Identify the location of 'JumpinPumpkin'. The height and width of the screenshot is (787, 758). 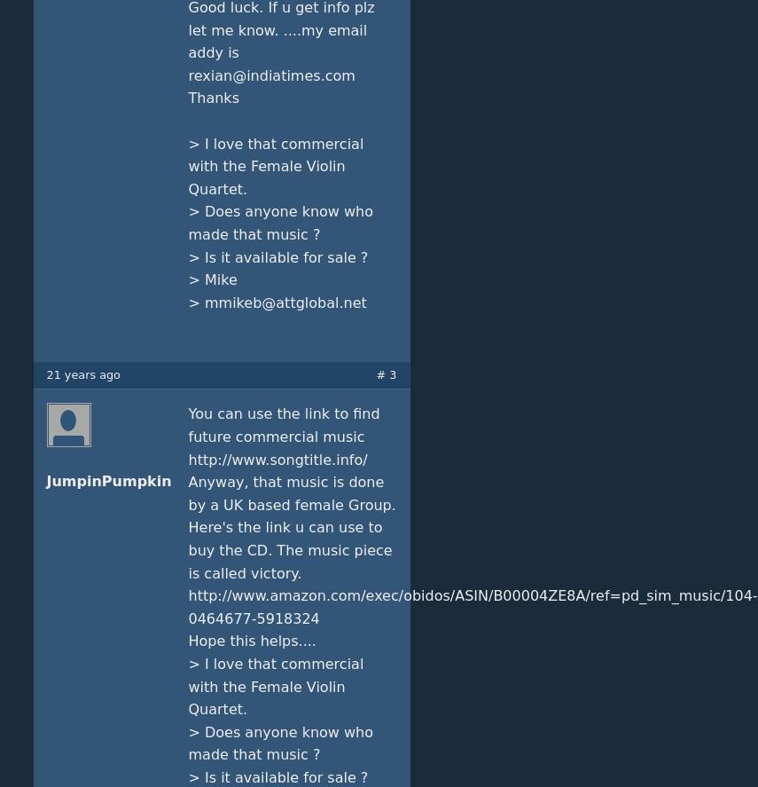
(107, 481).